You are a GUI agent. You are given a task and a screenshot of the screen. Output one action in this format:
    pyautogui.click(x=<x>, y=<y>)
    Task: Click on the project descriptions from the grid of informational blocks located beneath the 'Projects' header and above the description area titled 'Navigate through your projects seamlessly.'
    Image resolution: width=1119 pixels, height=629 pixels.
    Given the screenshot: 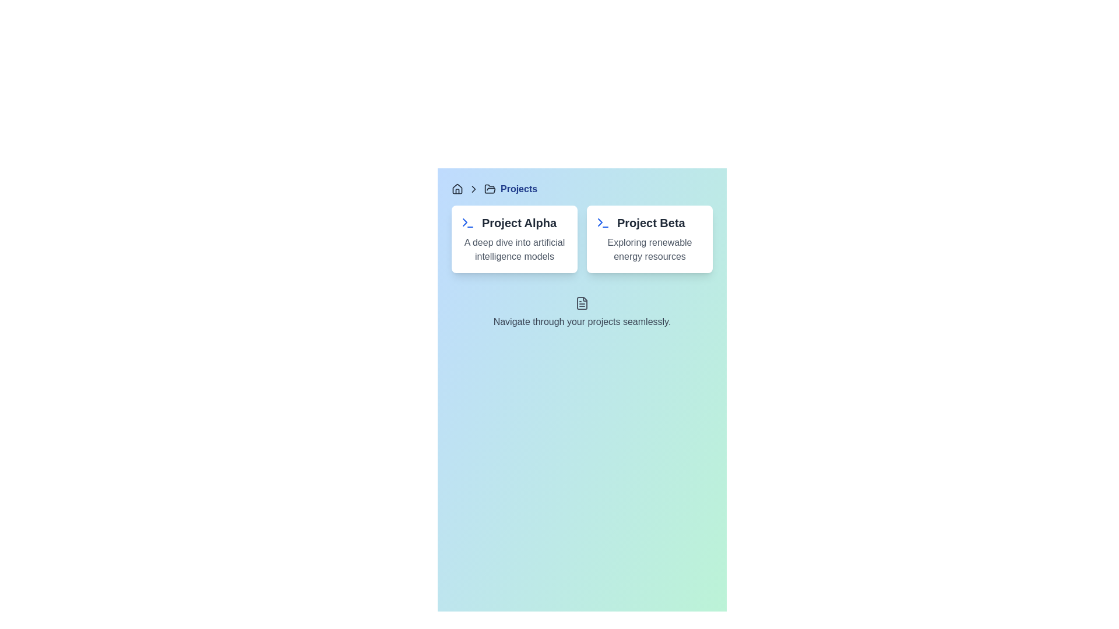 What is the action you would take?
    pyautogui.click(x=582, y=239)
    